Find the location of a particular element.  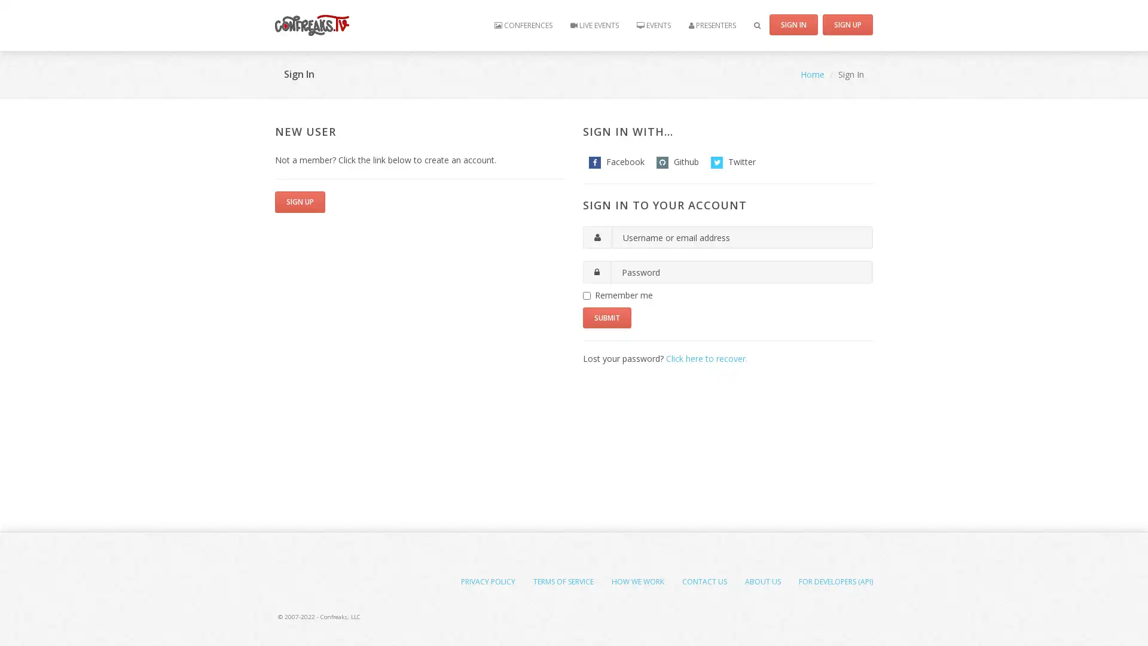

Submit is located at coordinates (607, 317).